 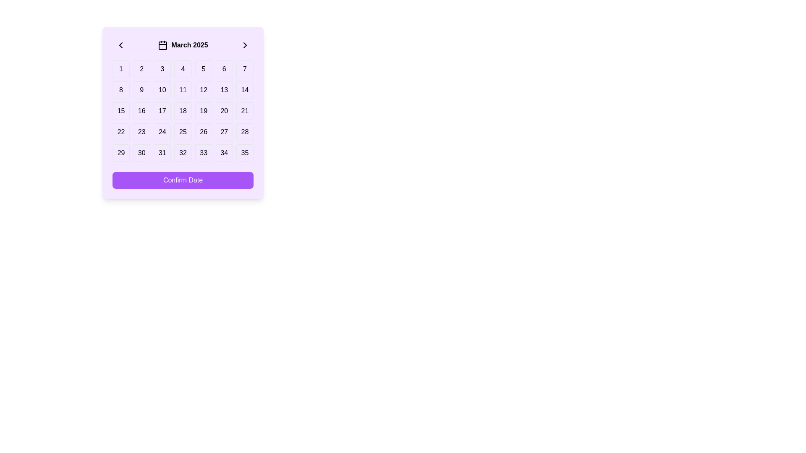 I want to click on the square button with rounded borders and centered text '35' in the bottom-right corner of the calendar grid, so click(x=244, y=153).